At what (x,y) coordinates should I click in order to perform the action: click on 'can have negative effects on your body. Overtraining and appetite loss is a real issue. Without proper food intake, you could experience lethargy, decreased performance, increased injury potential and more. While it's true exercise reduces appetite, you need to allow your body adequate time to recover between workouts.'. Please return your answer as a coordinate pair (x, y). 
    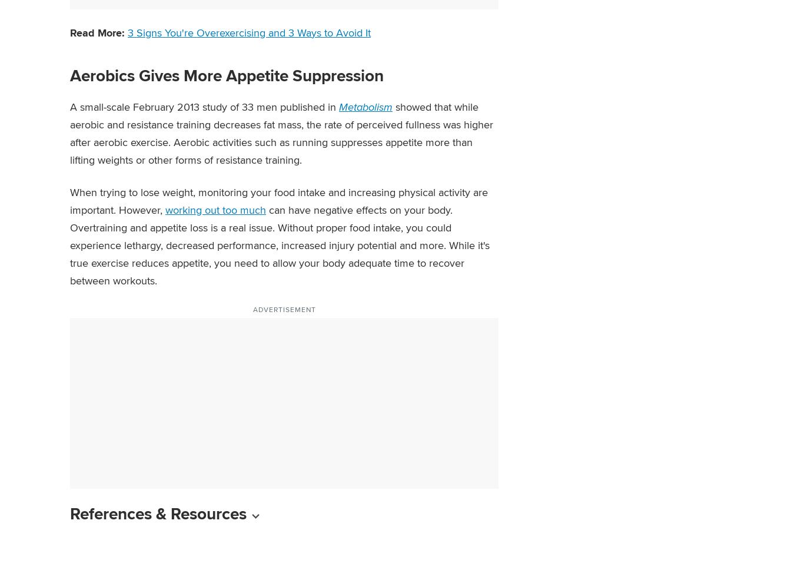
    Looking at the image, I should click on (280, 244).